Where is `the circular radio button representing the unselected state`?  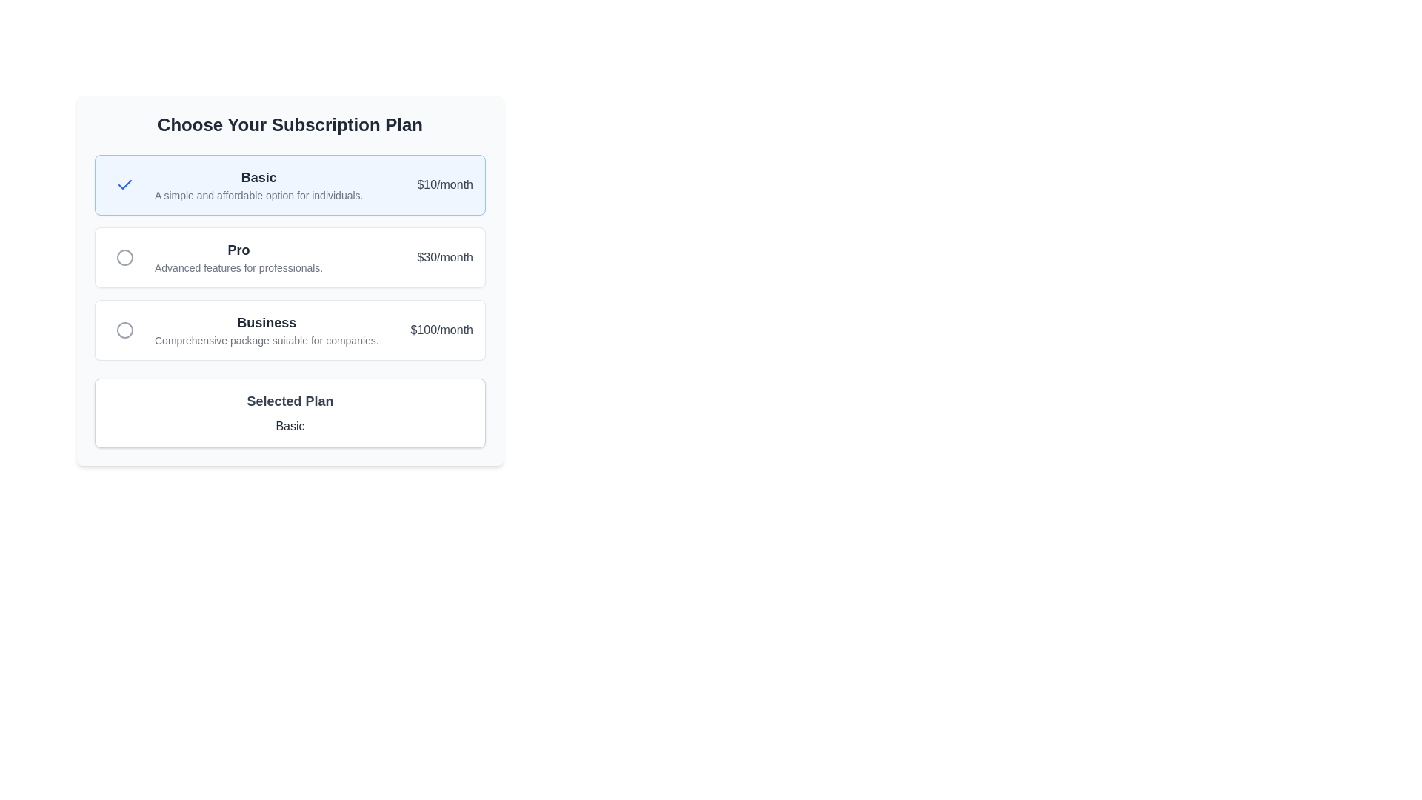
the circular radio button representing the unselected state is located at coordinates (124, 256).